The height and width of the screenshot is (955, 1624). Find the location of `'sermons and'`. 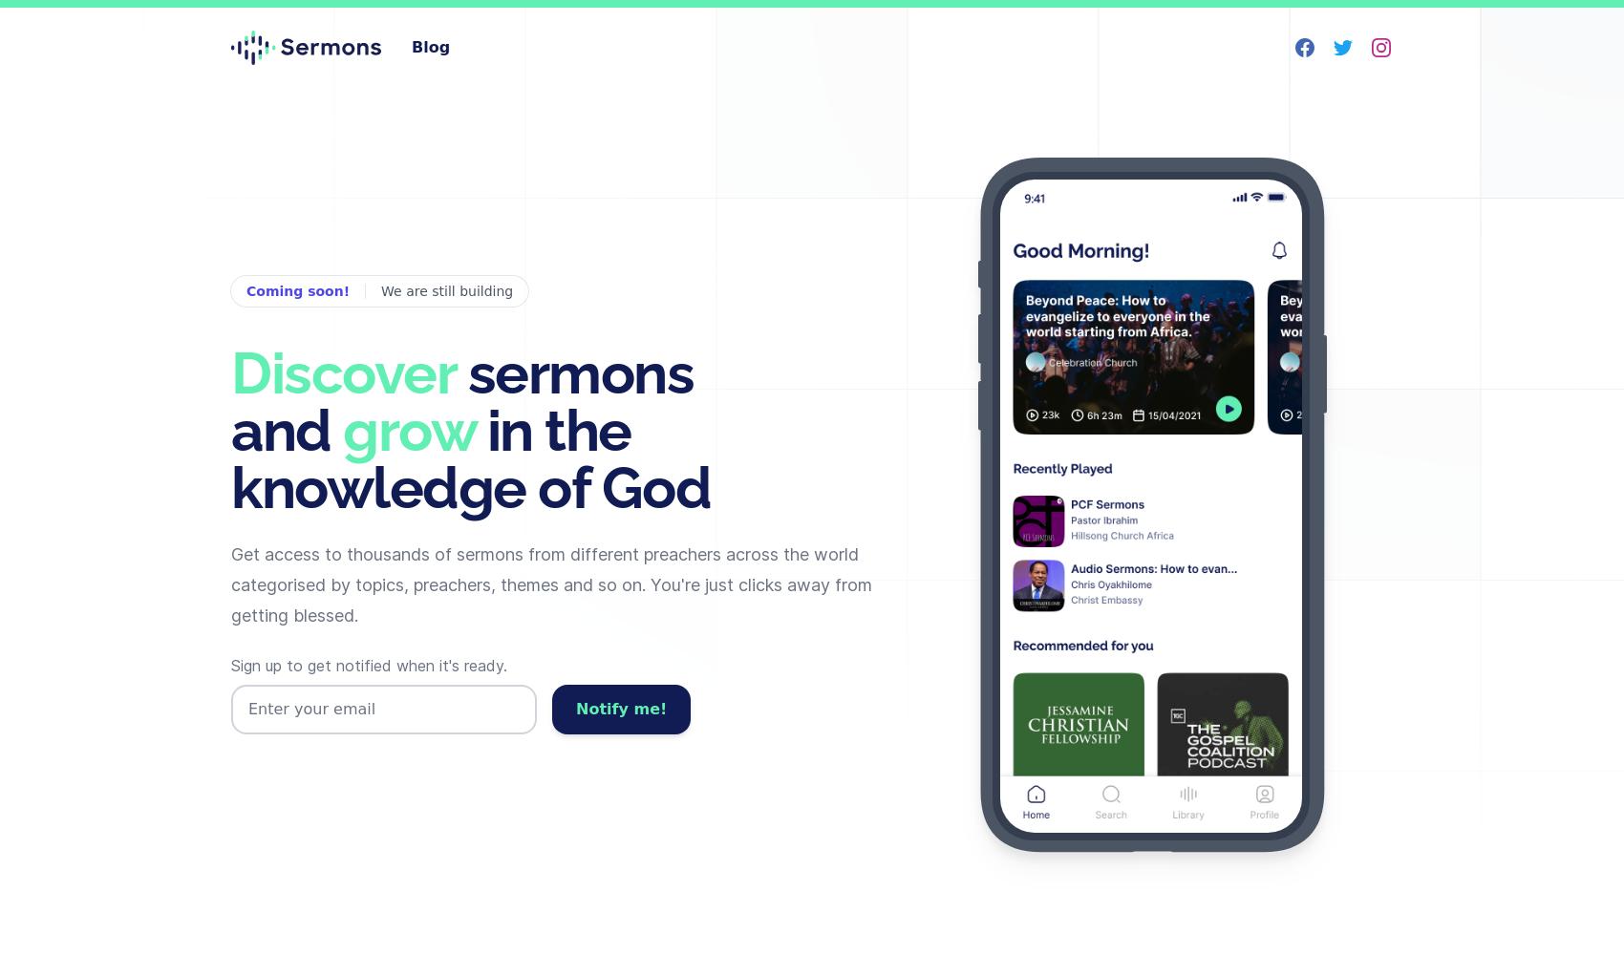

'sermons and' is located at coordinates (461, 401).